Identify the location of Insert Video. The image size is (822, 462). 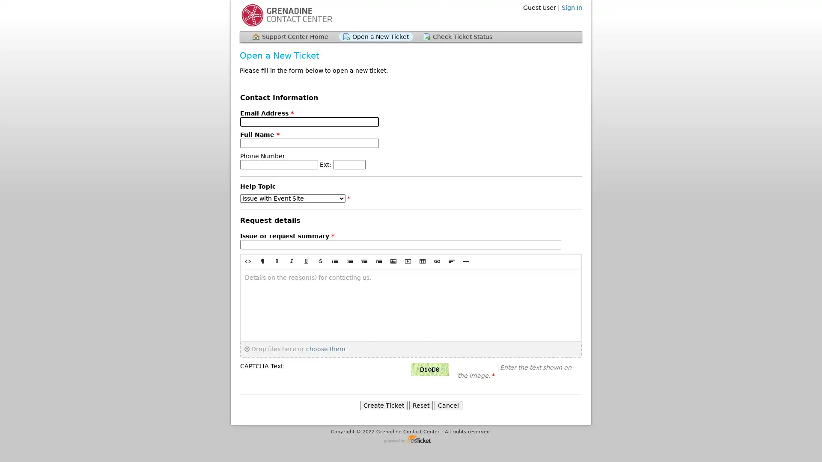
(408, 261).